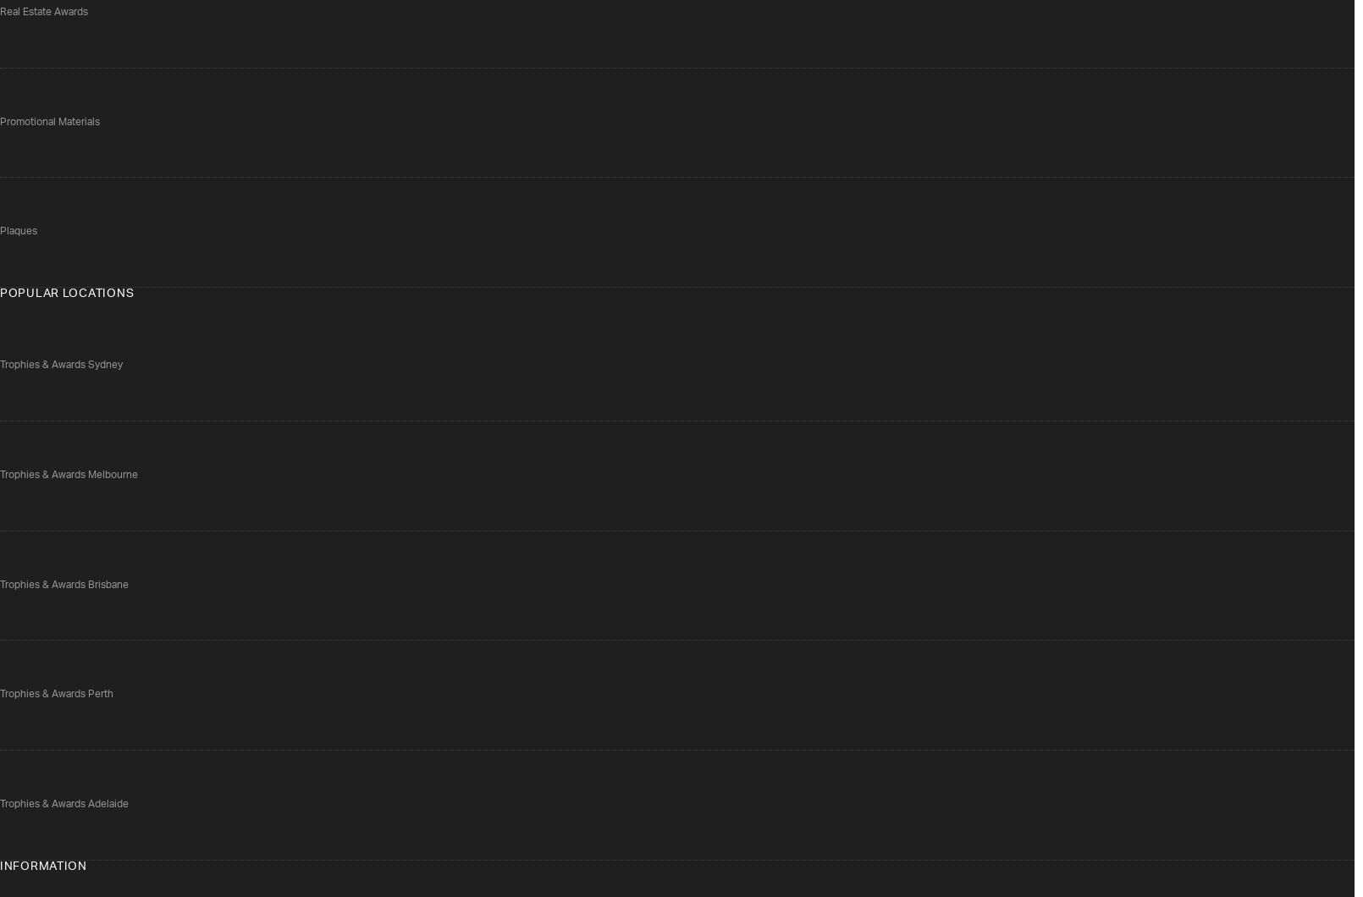  What do you see at coordinates (44, 11) in the screenshot?
I see `'Real Estate Awards'` at bounding box center [44, 11].